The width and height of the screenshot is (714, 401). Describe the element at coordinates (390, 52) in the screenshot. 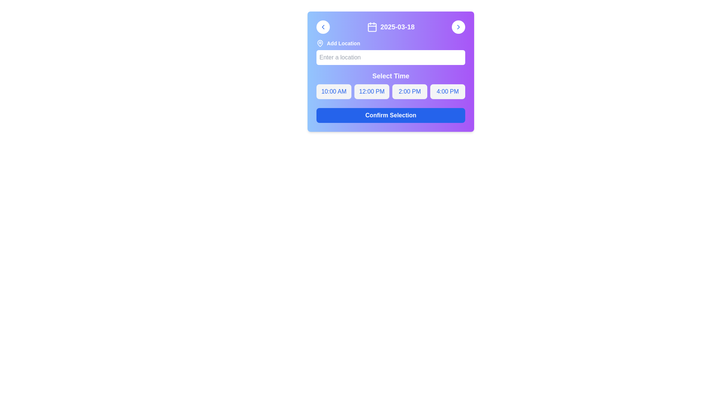

I see `the text input field for location selection, which is the second element under the header '2025-03-18'` at that location.